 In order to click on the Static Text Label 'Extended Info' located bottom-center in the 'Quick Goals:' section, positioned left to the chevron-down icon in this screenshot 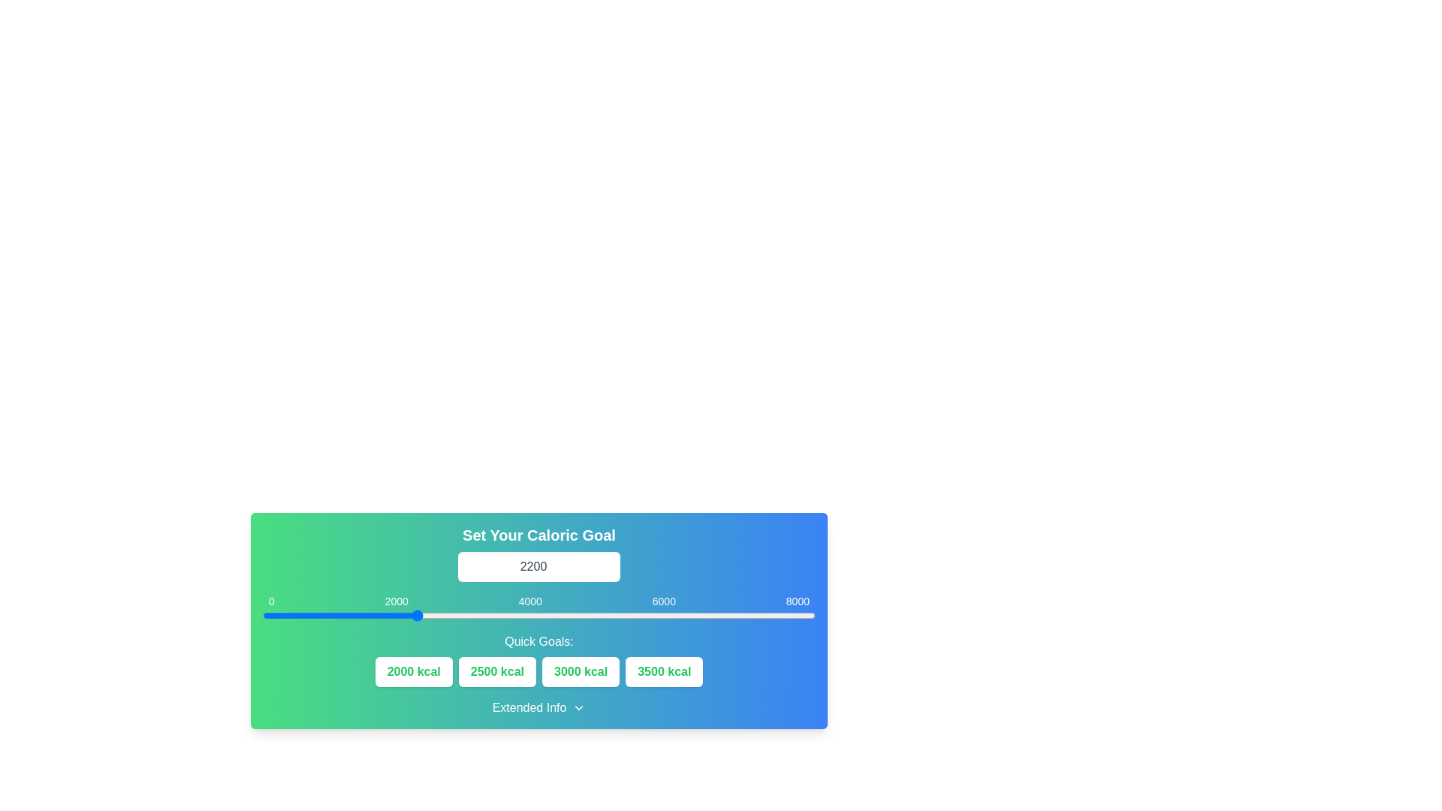, I will do `click(529, 707)`.